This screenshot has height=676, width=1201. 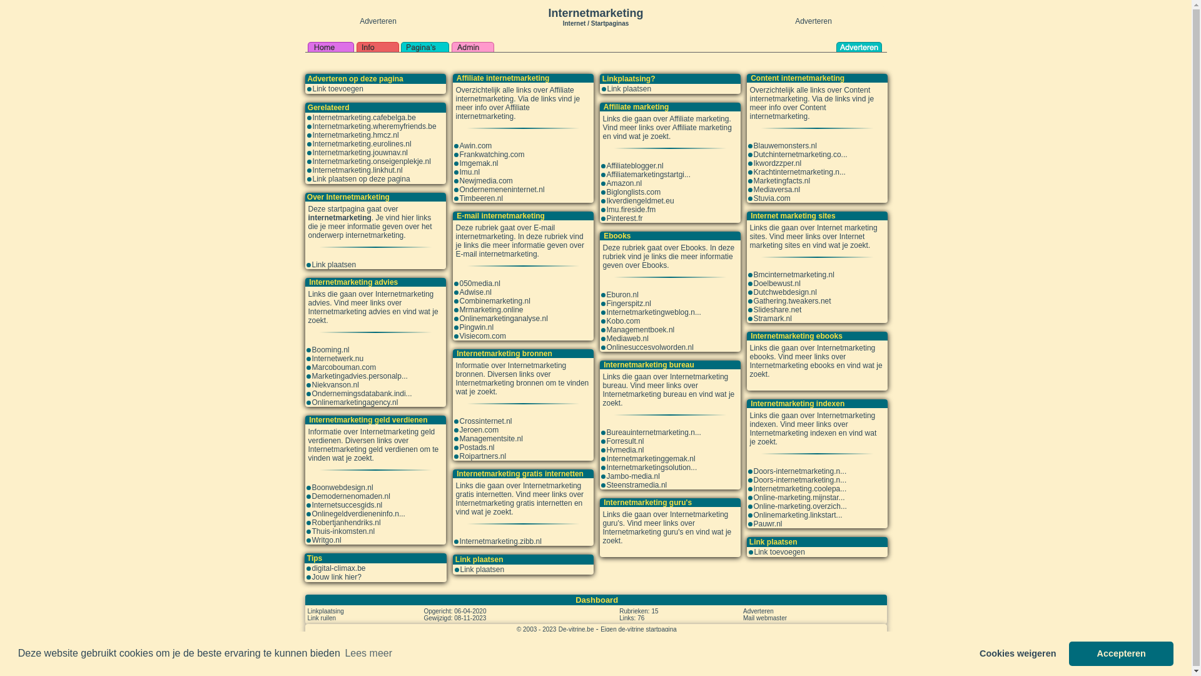 I want to click on 'Mail webmaster', so click(x=743, y=617).